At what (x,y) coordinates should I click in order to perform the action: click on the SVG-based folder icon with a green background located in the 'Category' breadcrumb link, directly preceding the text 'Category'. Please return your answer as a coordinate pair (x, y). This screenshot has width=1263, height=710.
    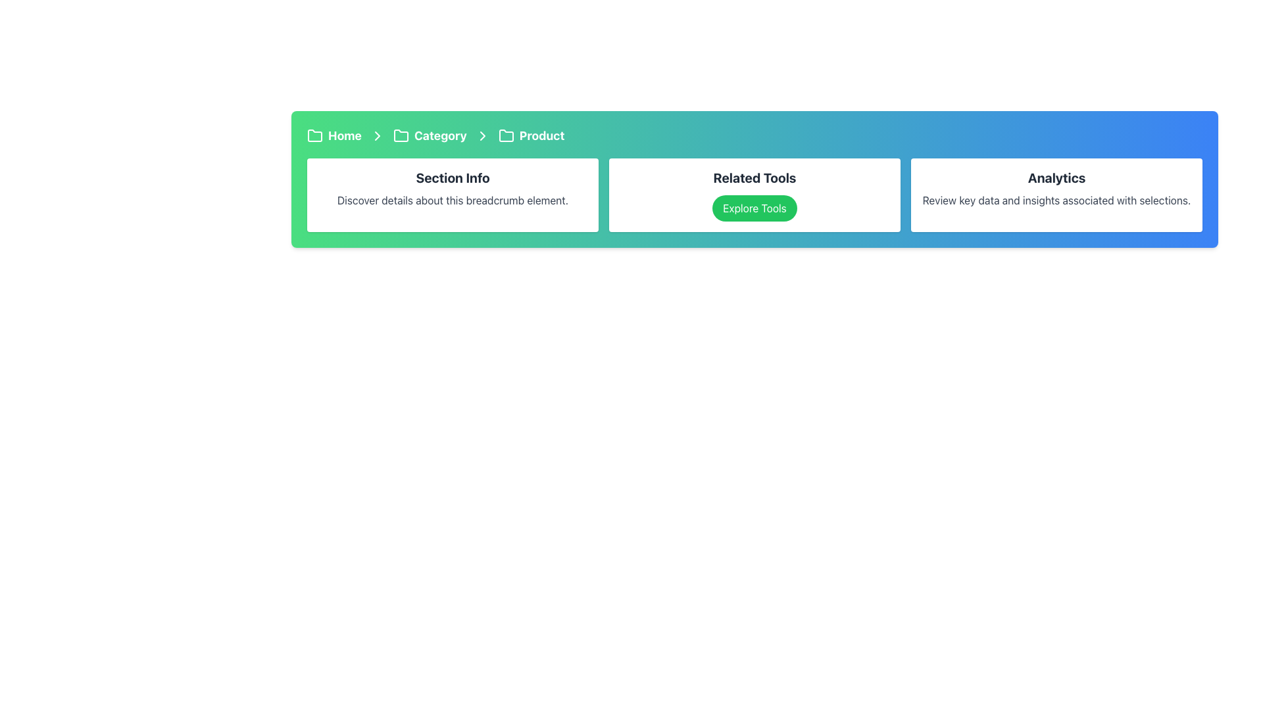
    Looking at the image, I should click on (400, 136).